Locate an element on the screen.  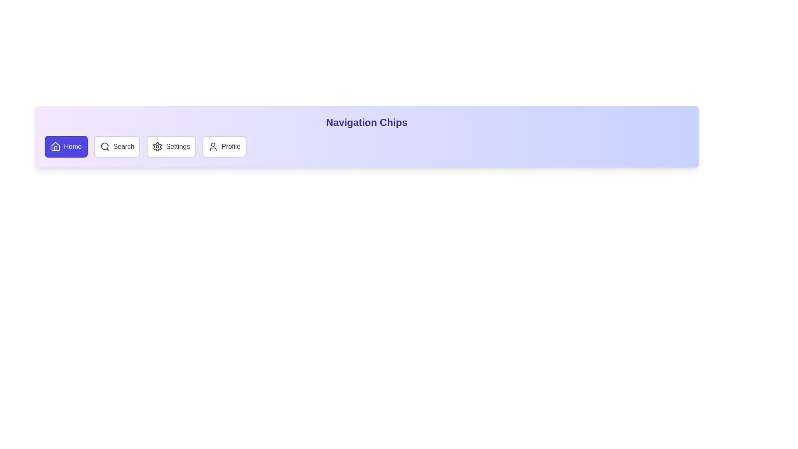
the icon of the chip labeled Home to activate it is located at coordinates (55, 146).